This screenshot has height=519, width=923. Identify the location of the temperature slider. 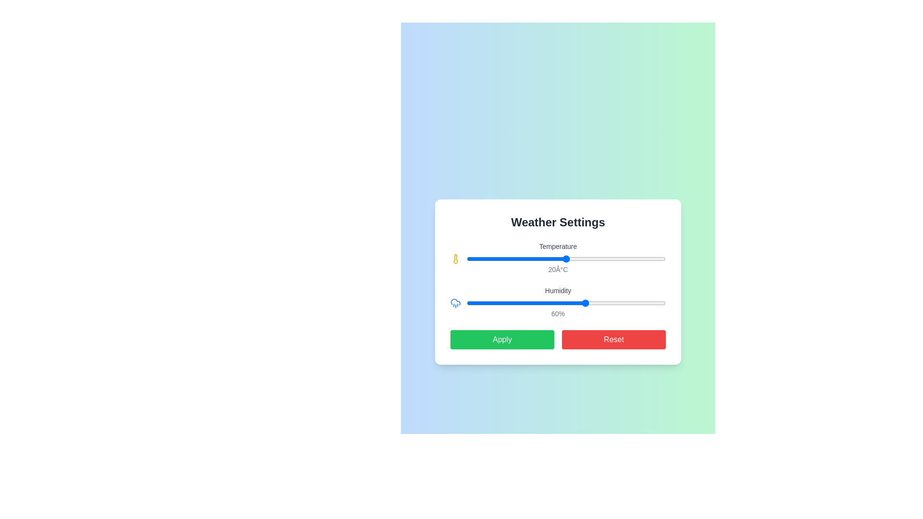
(506, 259).